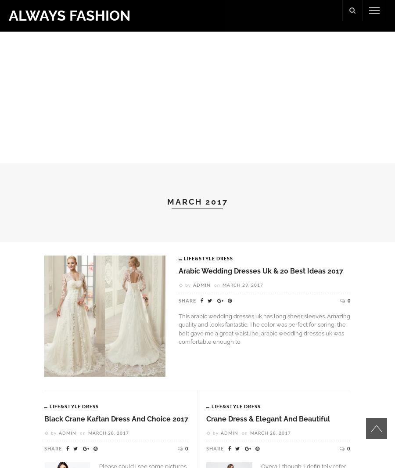 Image resolution: width=395 pixels, height=468 pixels. What do you see at coordinates (115, 419) in the screenshot?
I see `'Black Crane Kaftan Dress And Choice 2017'` at bounding box center [115, 419].